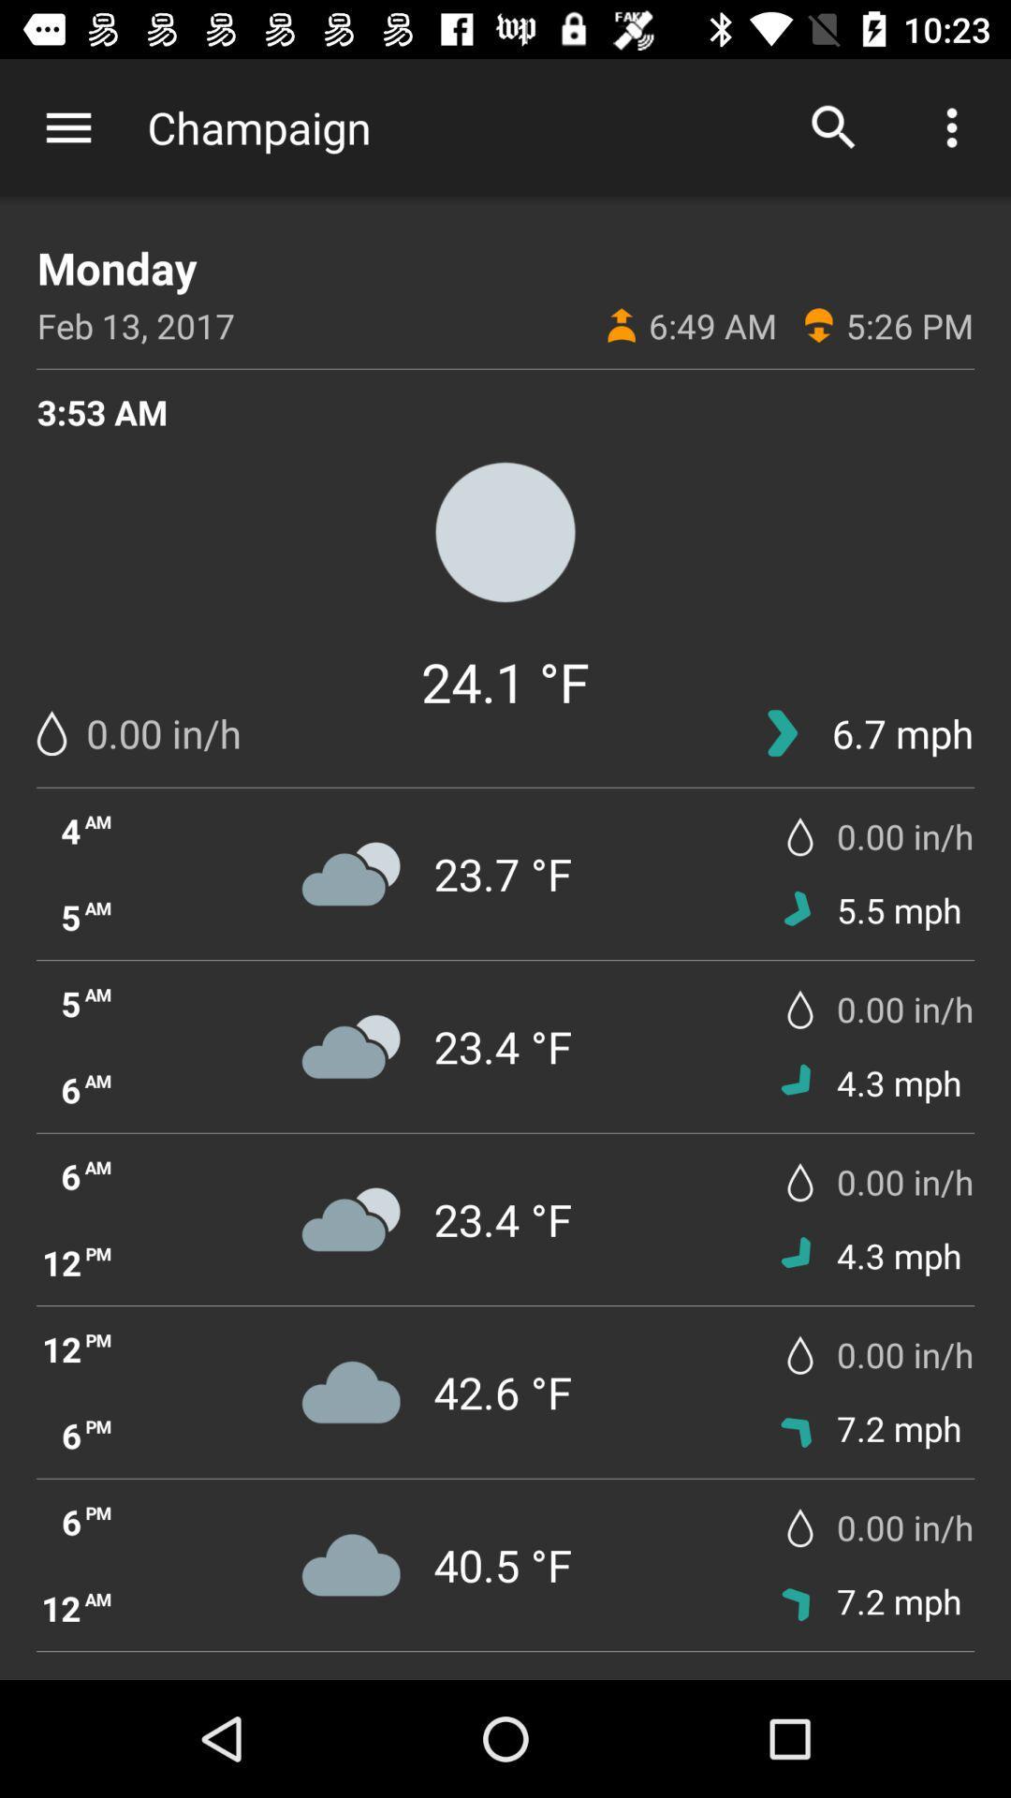 This screenshot has width=1011, height=1798. Describe the element at coordinates (833, 126) in the screenshot. I see `the icon to the right of champaign app` at that location.